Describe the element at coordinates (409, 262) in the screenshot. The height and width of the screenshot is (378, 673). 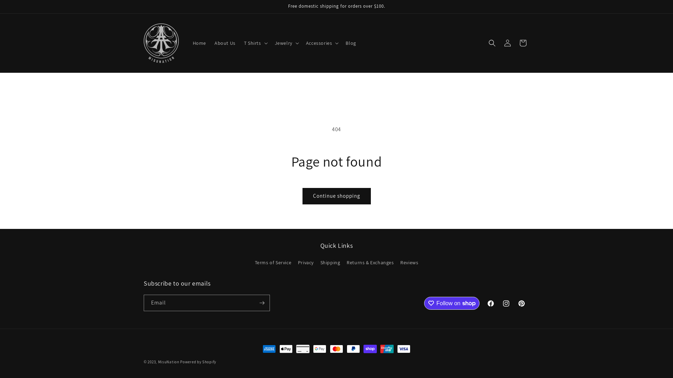
I see `'Reviews'` at that location.